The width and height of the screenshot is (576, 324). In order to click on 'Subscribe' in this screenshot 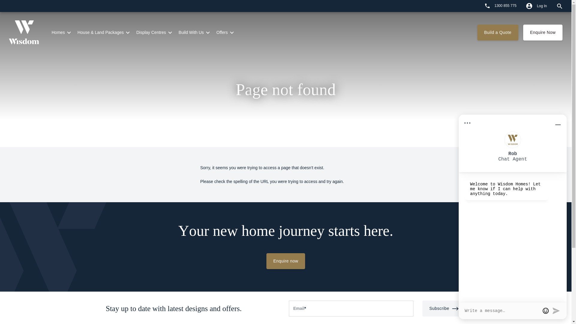, I will do `click(444, 308)`.